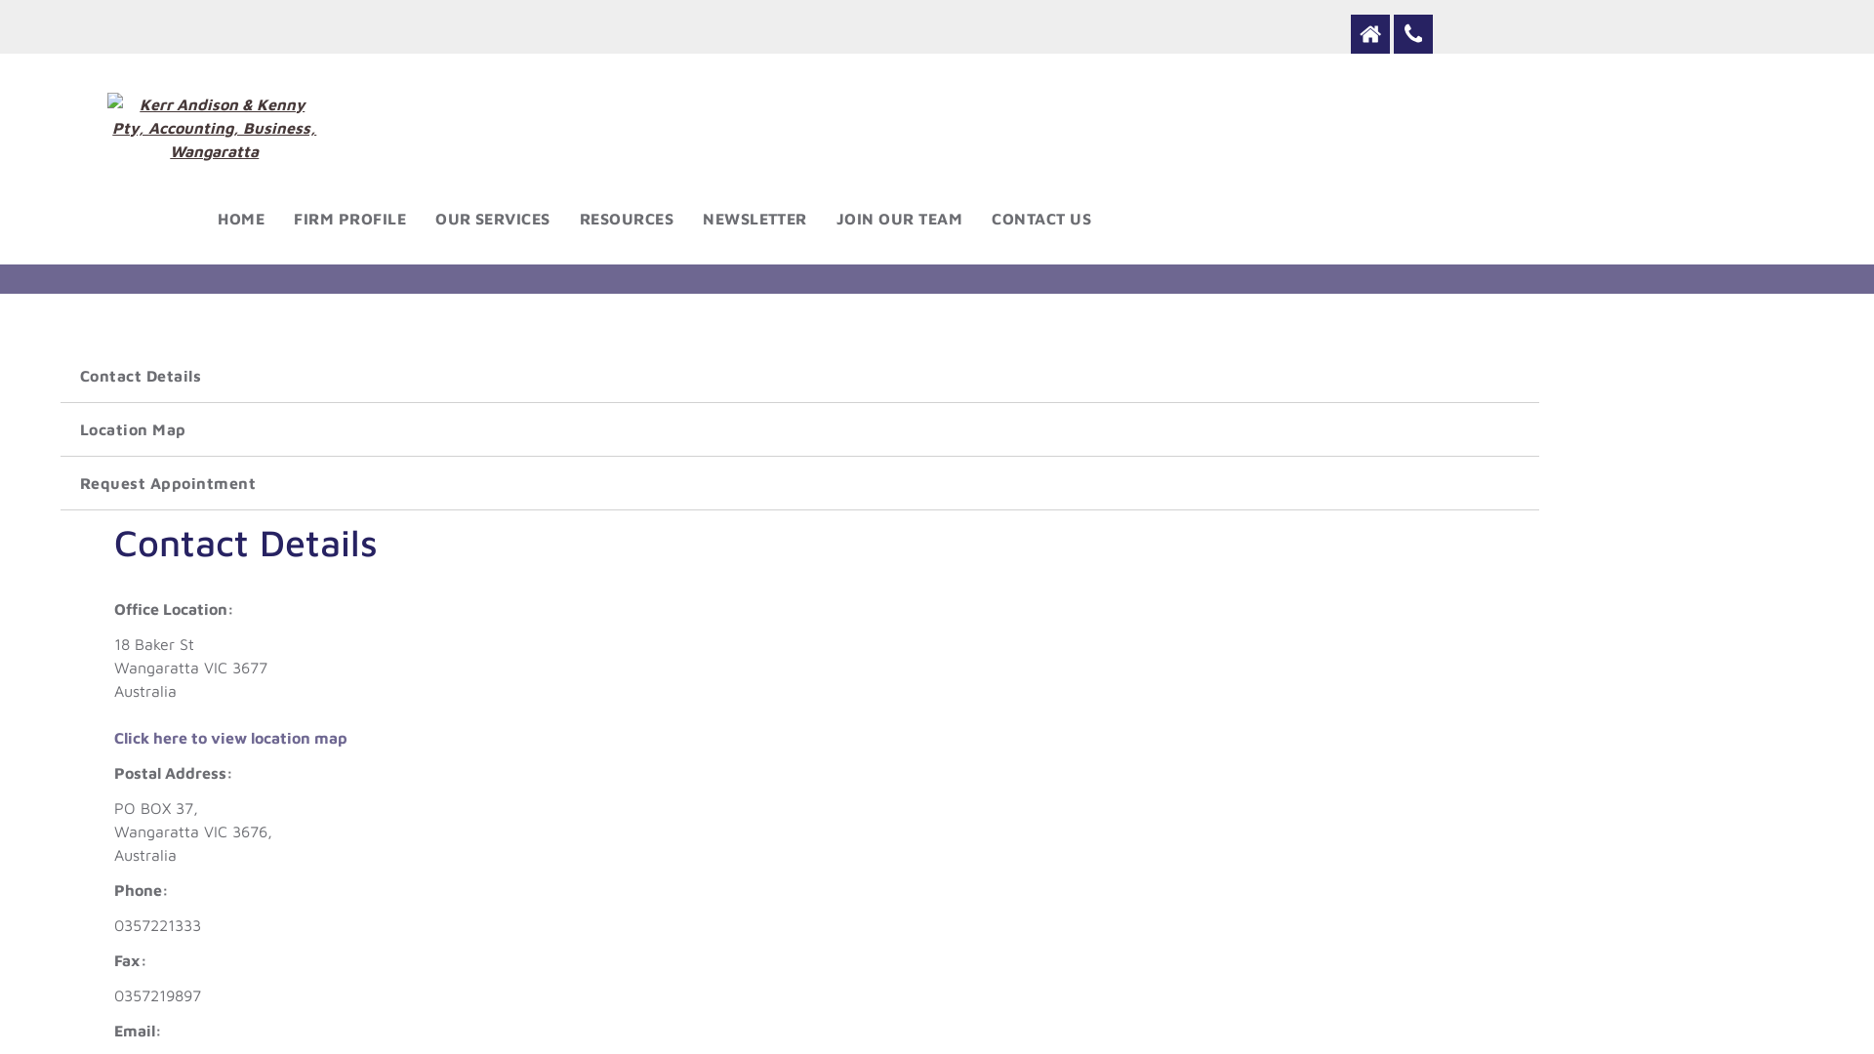 The width and height of the screenshot is (1874, 1054). What do you see at coordinates (230, 738) in the screenshot?
I see `'Click here to view location map'` at bounding box center [230, 738].